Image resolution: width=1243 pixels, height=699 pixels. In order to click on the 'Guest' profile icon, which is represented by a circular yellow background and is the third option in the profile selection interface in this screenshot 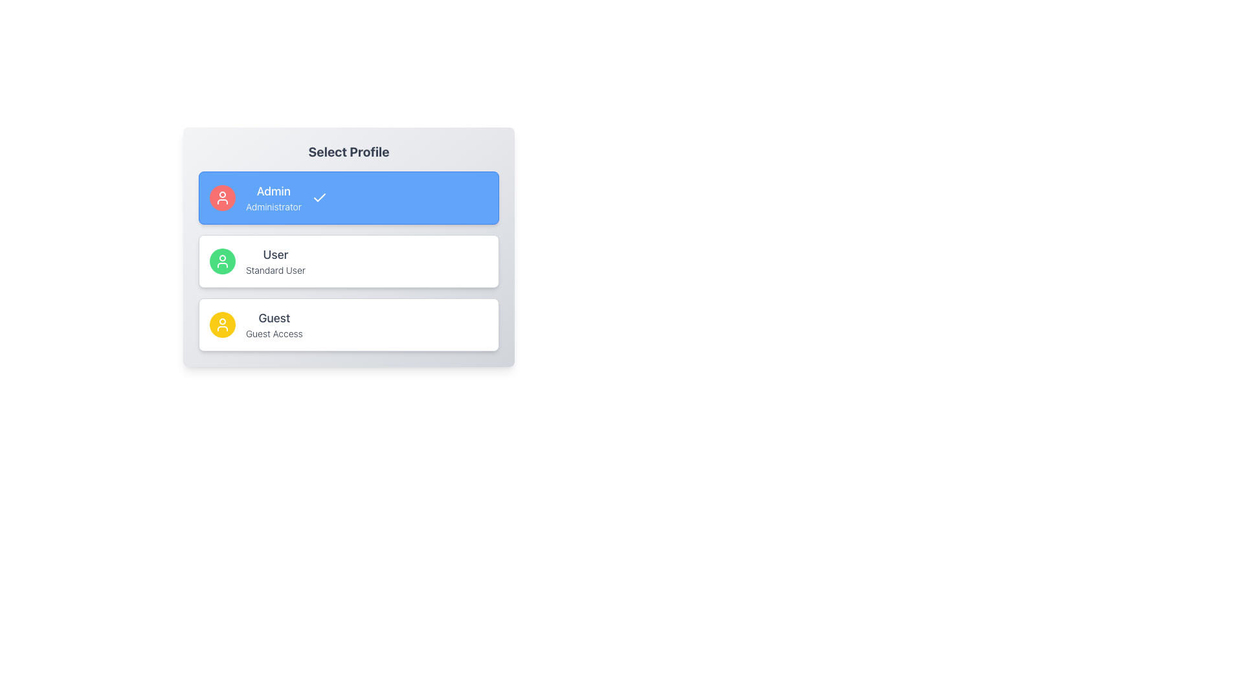, I will do `click(223, 324)`.